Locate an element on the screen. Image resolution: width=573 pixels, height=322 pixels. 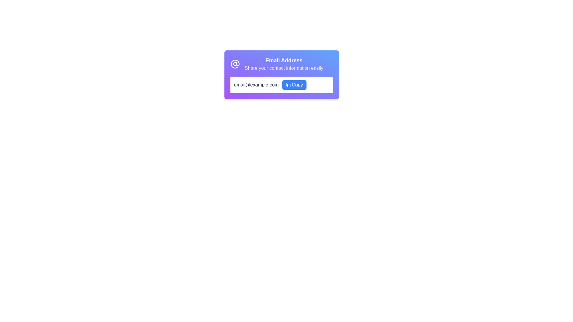
the header text block that indicates the purpose of the card for sharing an email address, located at the top of the card above the email display and copy button is located at coordinates (281, 64).